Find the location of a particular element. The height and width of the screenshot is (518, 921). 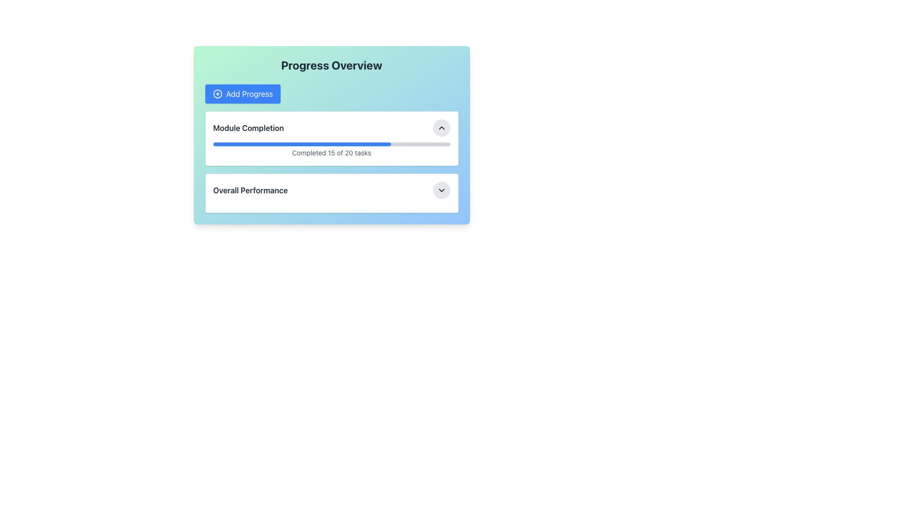

static text label providing descriptive information about module completion, located above the progress bar and to the left of the rounded gray button is located at coordinates (248, 127).